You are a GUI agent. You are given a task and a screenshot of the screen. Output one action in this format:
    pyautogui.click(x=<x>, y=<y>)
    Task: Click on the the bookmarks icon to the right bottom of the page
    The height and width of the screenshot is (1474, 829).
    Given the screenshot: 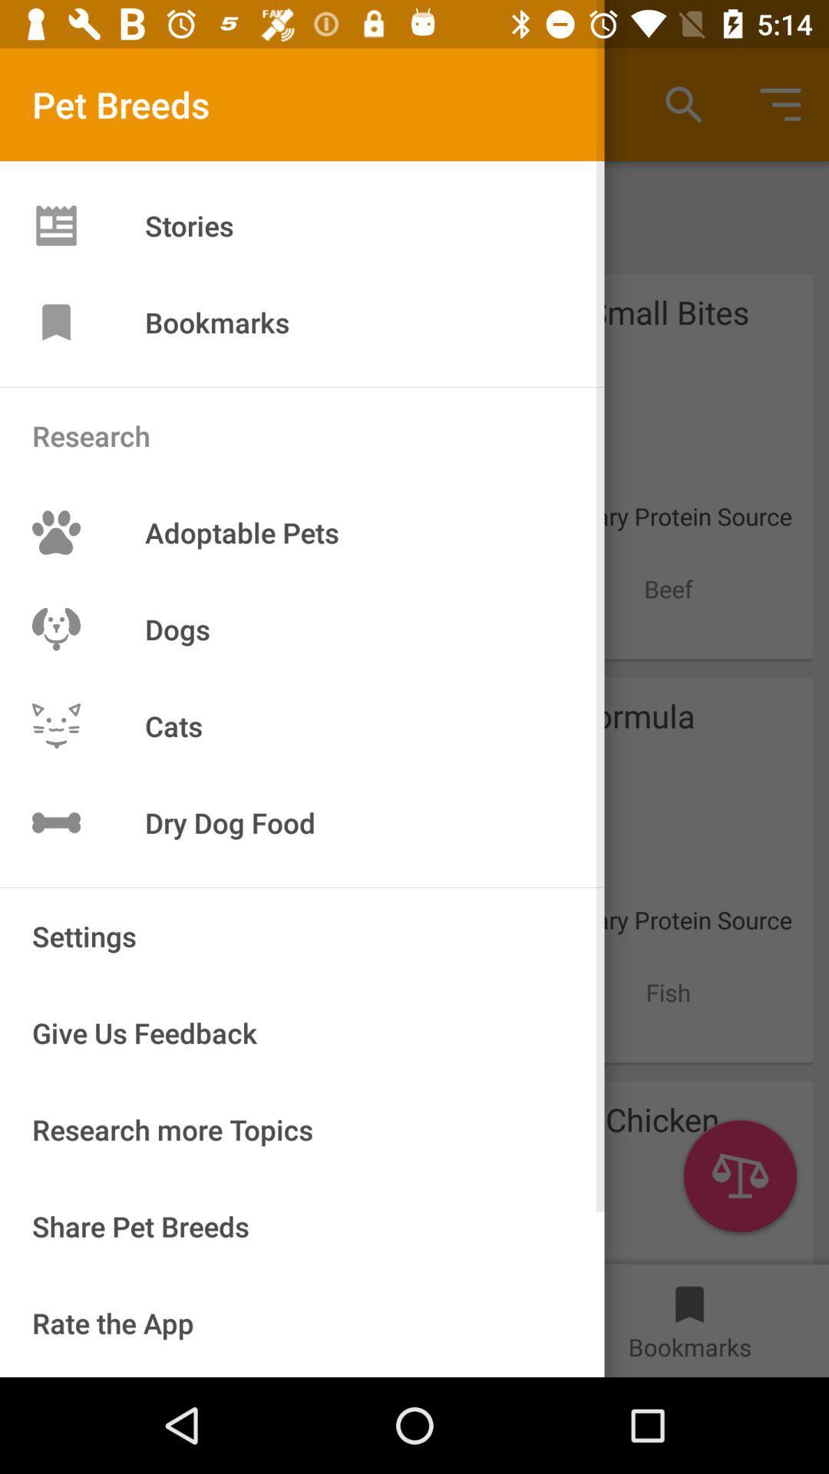 What is the action you would take?
    pyautogui.click(x=689, y=1296)
    